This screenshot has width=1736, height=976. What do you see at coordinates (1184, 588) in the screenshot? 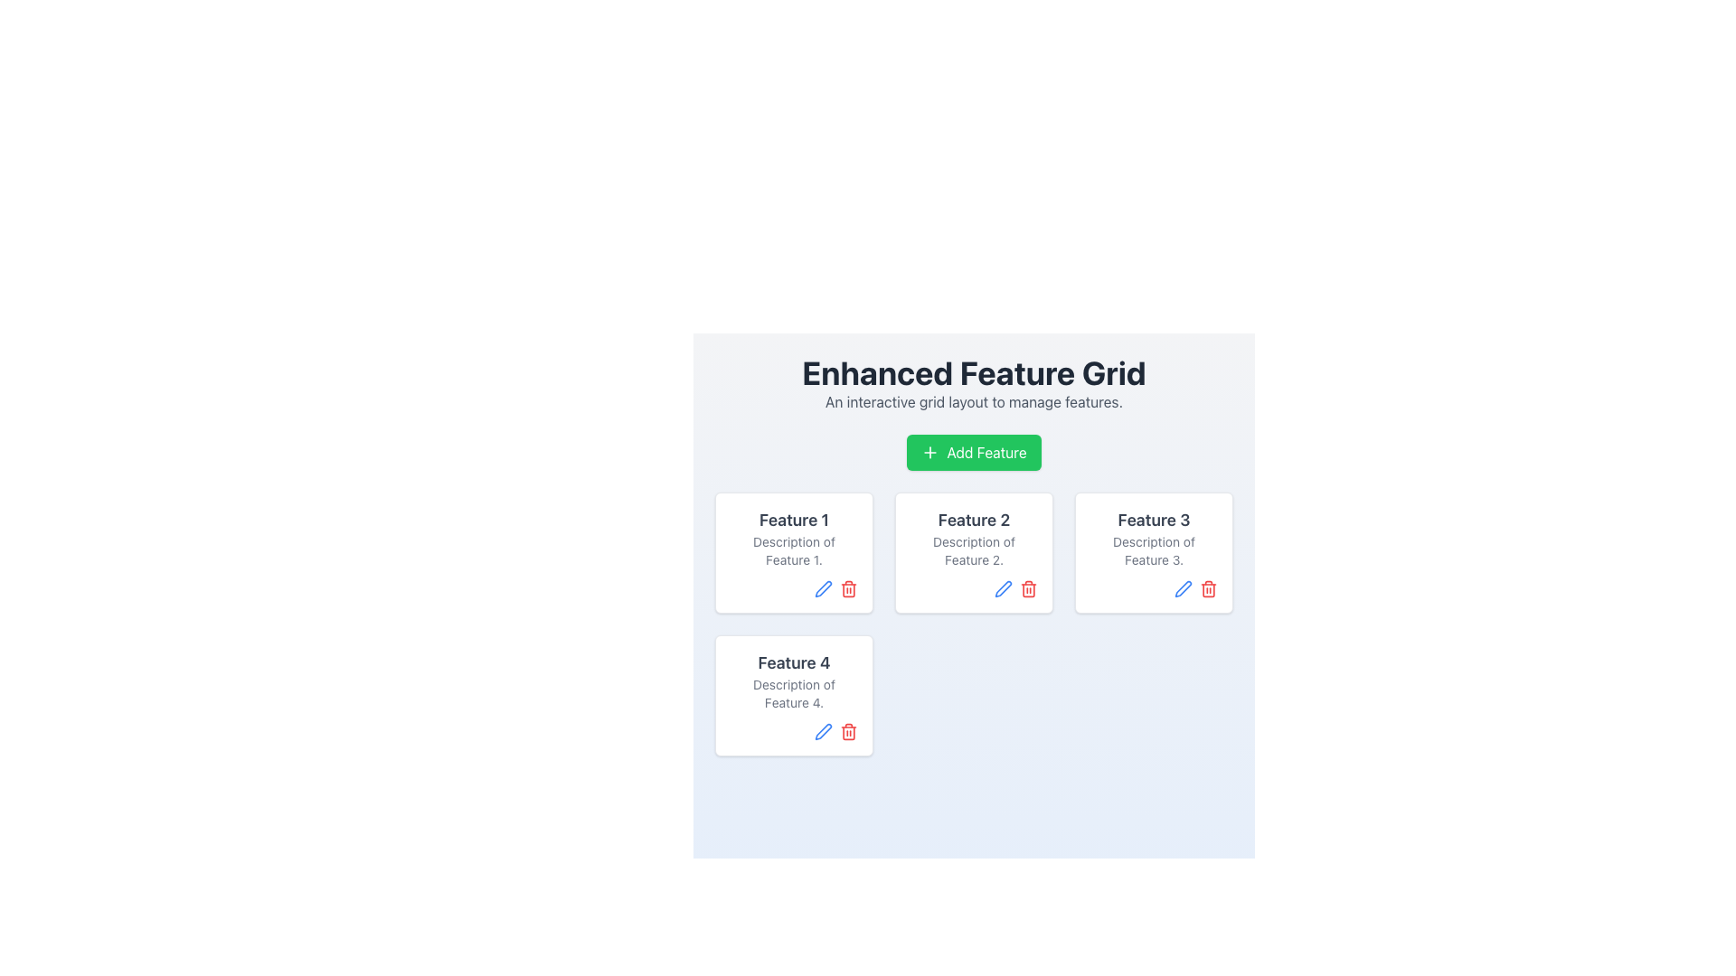
I see `the pen-shaped icon located in the 'Feature 3' card to initiate an edit action` at bounding box center [1184, 588].